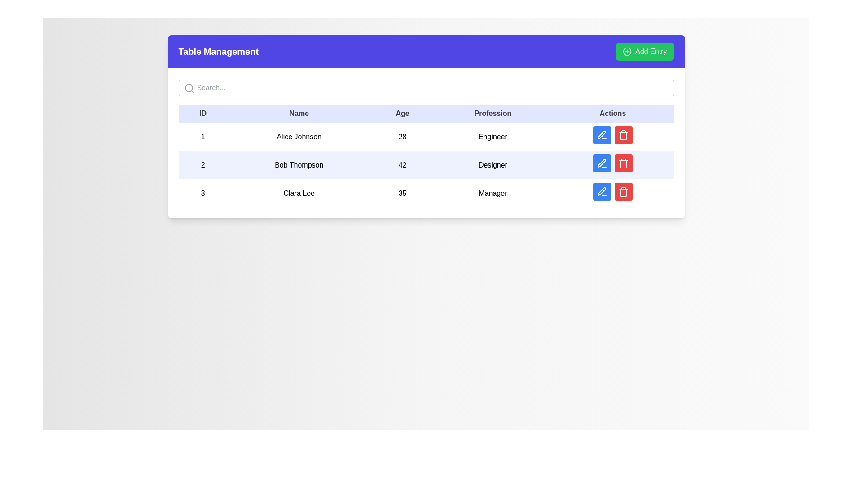 This screenshot has height=485, width=862. Describe the element at coordinates (602, 163) in the screenshot. I see `the rounded blue button icon in the Actions column for 'Bob Thompson' to trigger a tooltip or visual feedback` at that location.